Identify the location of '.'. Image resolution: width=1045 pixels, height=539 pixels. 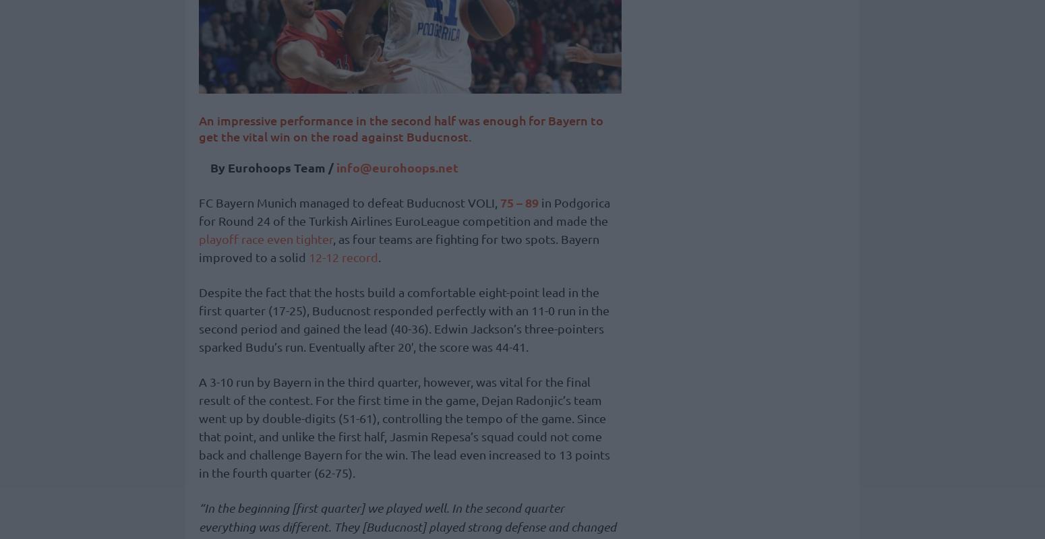
(379, 256).